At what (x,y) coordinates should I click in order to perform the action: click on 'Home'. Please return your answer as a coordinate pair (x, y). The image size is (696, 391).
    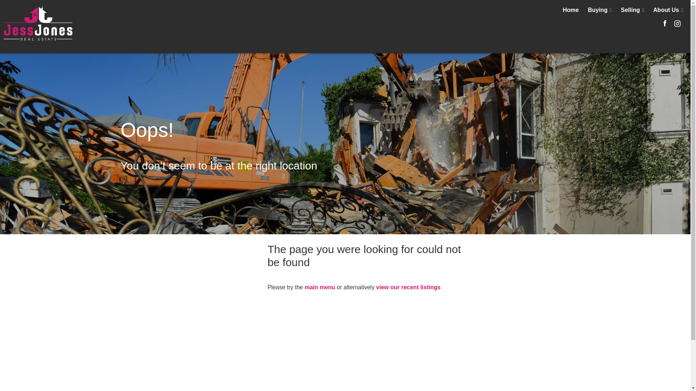
    Looking at the image, I should click on (570, 10).